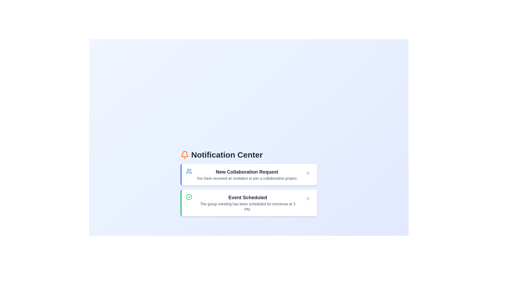  I want to click on the Close Button Icon, represented by an 'X' shape, located at the far-right side of the 'New Collaboration Request' notification card to trigger a tooltip, so click(308, 198).